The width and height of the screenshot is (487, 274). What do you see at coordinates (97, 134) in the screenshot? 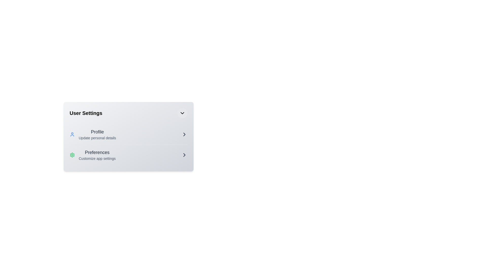
I see `the textual label with subheading` at bounding box center [97, 134].